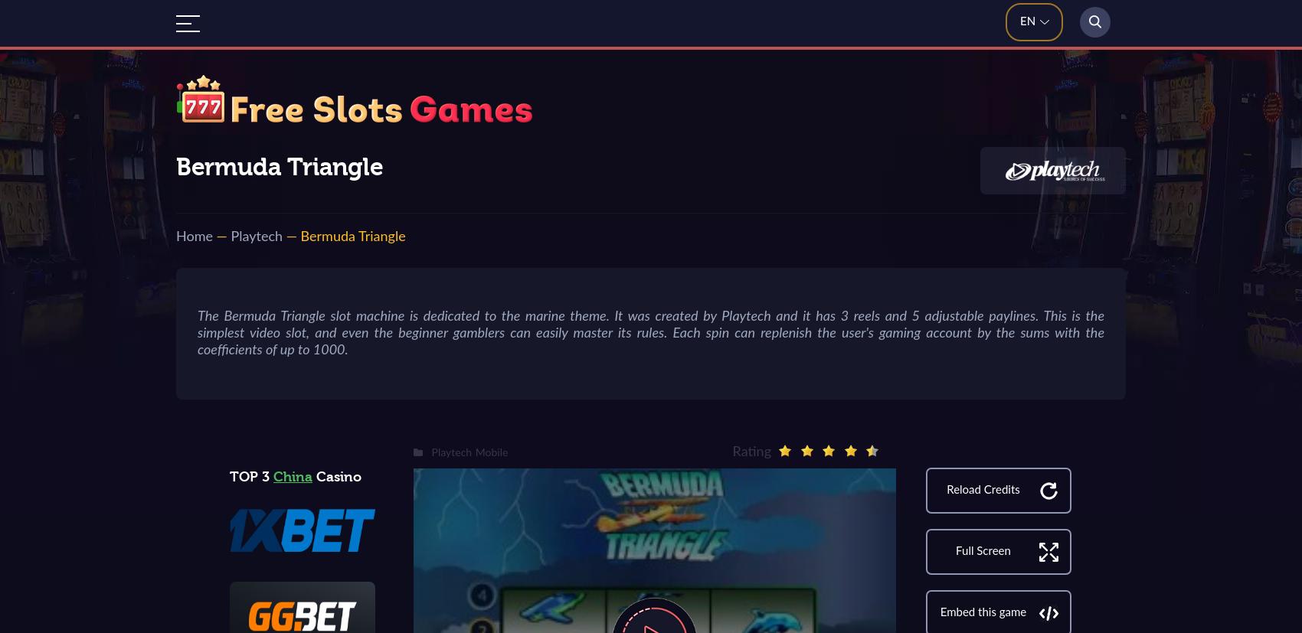 This screenshot has height=633, width=1302. What do you see at coordinates (749, 452) in the screenshot?
I see `'Rating'` at bounding box center [749, 452].